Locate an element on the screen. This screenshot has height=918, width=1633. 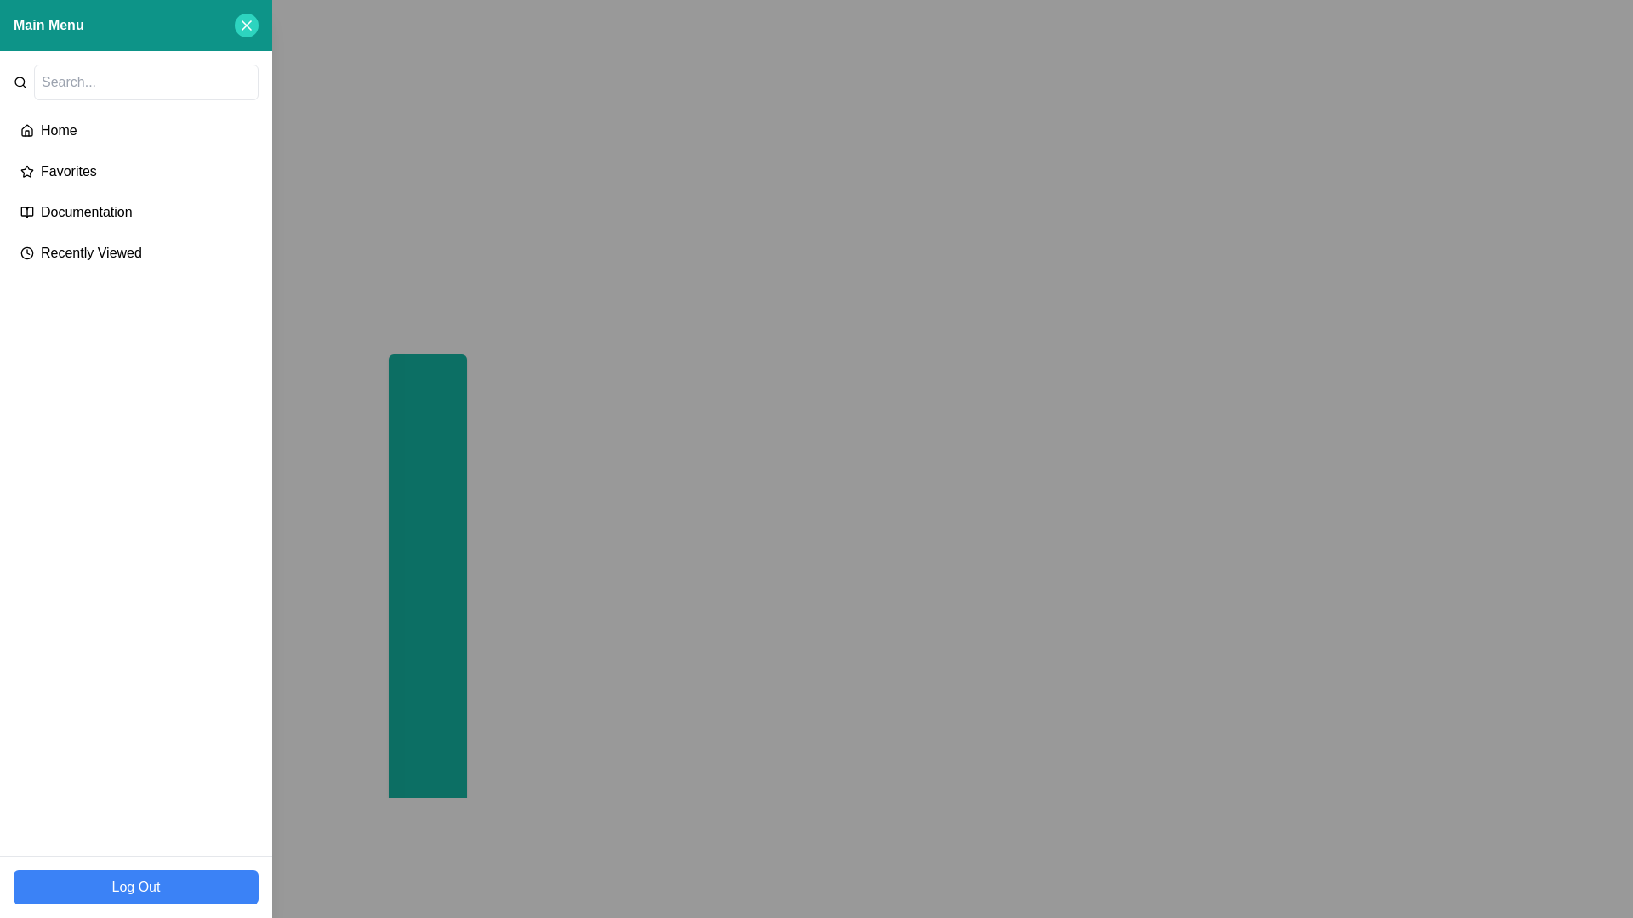
the close button located in the top-right corner of the 'Main Menu' panel is located at coordinates (245, 25).